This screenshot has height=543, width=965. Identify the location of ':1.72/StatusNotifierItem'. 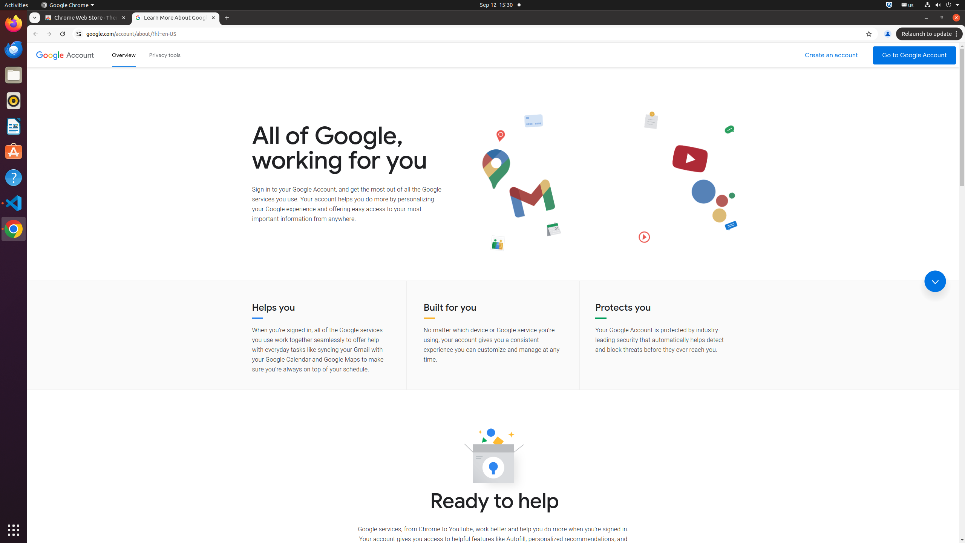
(889, 5).